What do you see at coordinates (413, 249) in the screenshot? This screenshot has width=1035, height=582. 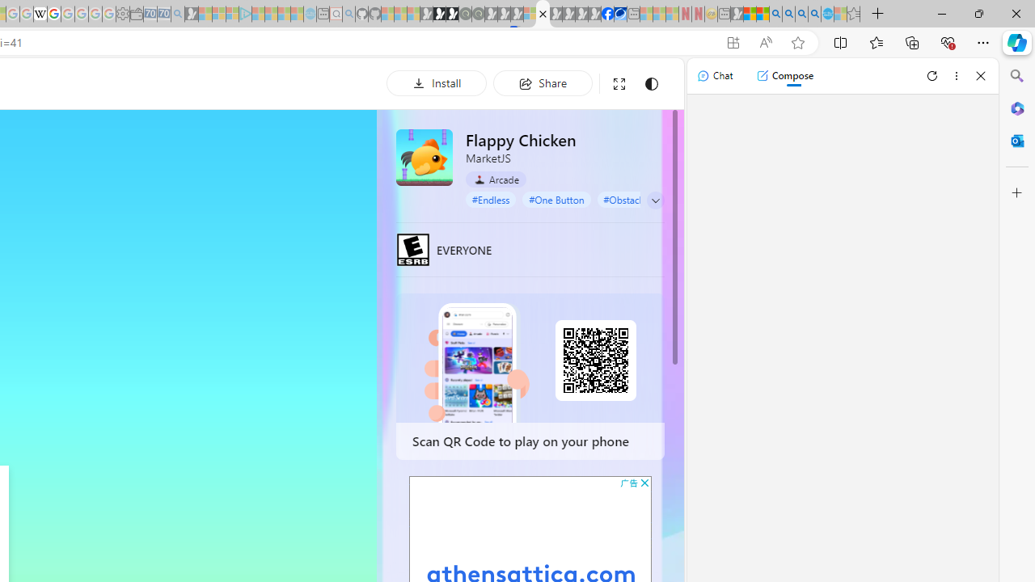 I see `'EVERYONE'` at bounding box center [413, 249].